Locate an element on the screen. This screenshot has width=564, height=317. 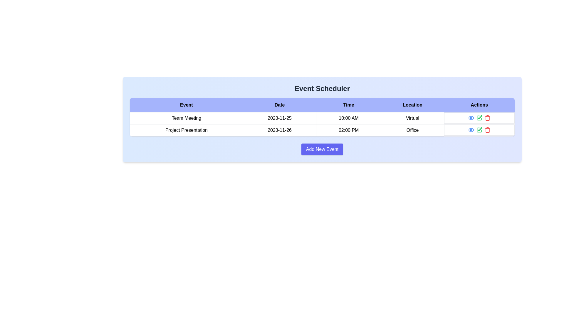
the delete button located in the 'Actions' column of the second row of the table for the 'Project Presentation' entry to indicate its interactivity is located at coordinates (488, 118).